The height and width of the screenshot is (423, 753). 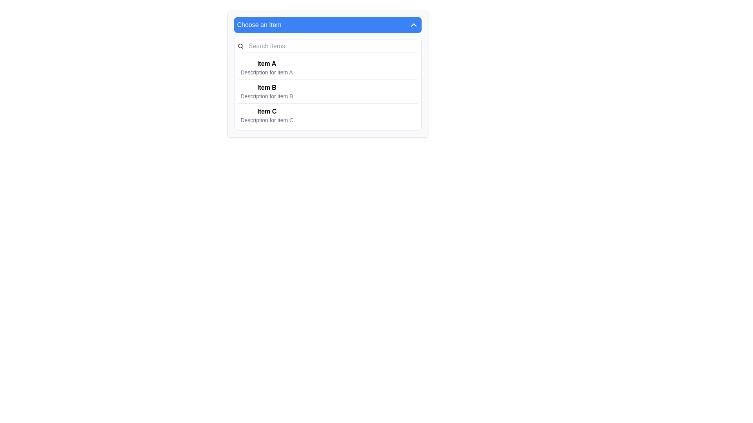 What do you see at coordinates (327, 115) in the screenshot?
I see `the list item displaying 'Item C'` at bounding box center [327, 115].